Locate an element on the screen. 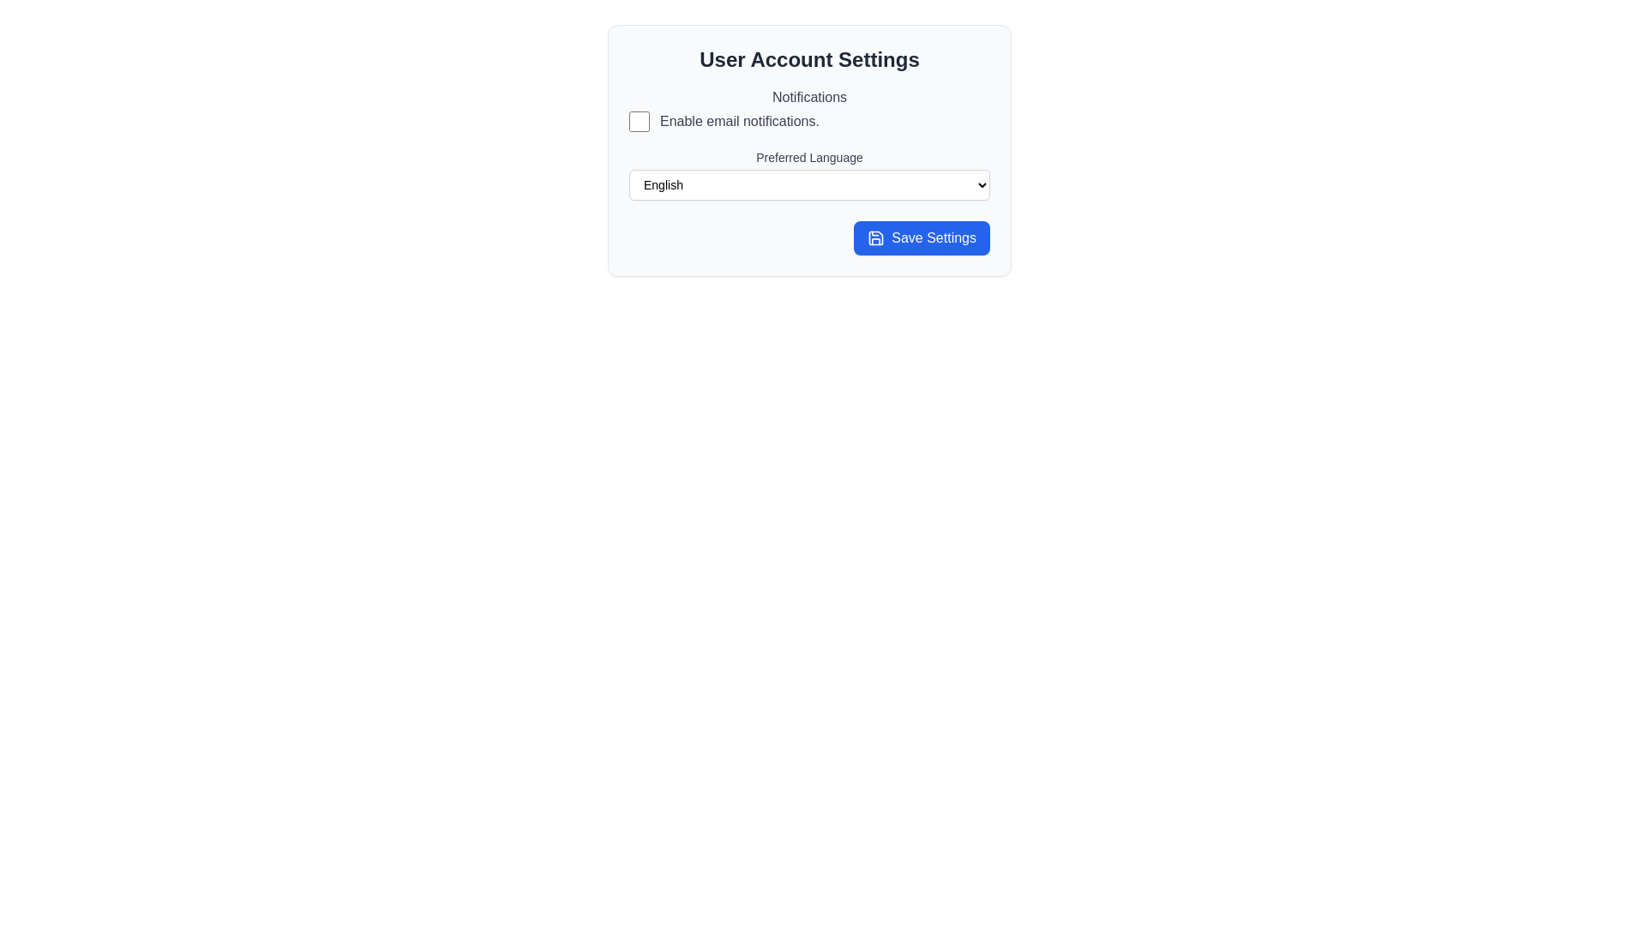 The height and width of the screenshot is (926, 1646). the icon within the 'Save Settings' button located at the lower right portion of the main settings area is located at coordinates (876, 238).